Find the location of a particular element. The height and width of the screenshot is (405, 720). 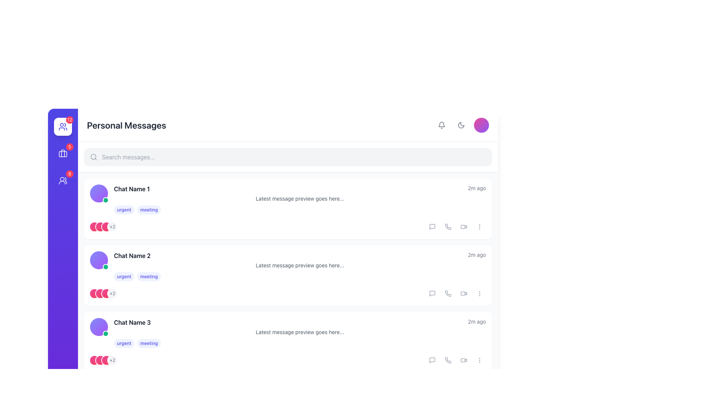

the informational badge or icon indicating there are 2 more items beyond the displayed ones, located at the rightmost end of the set of overlapping pink circular icons within the chat card is located at coordinates (103, 360).